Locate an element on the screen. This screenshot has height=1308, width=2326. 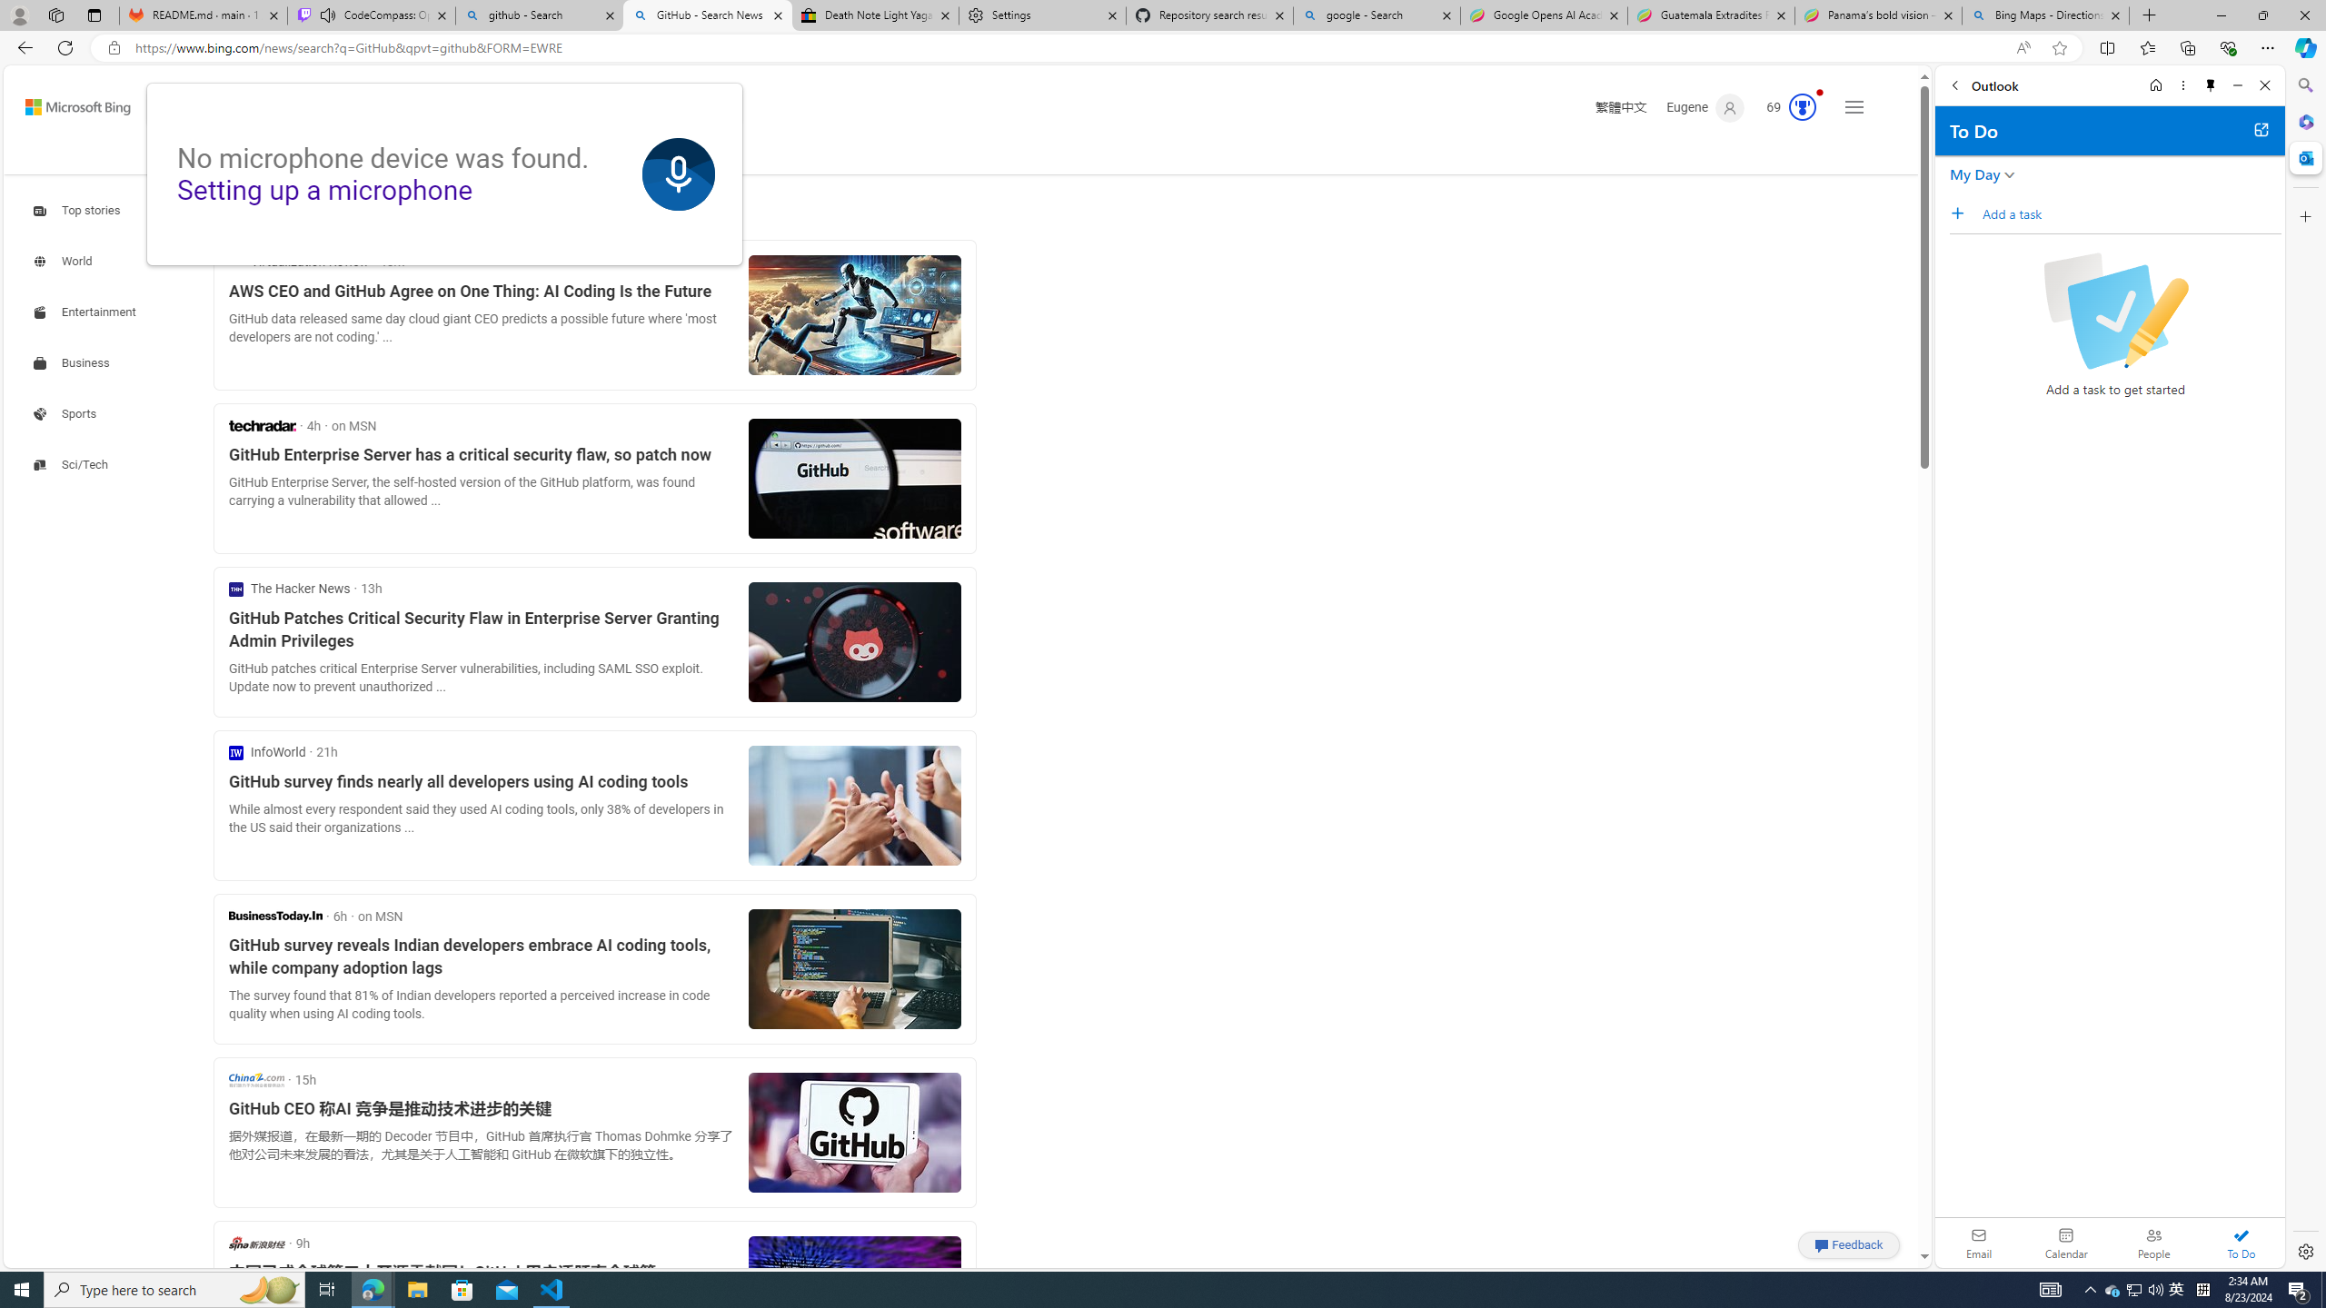
'TechRadar' is located at coordinates (262, 424).